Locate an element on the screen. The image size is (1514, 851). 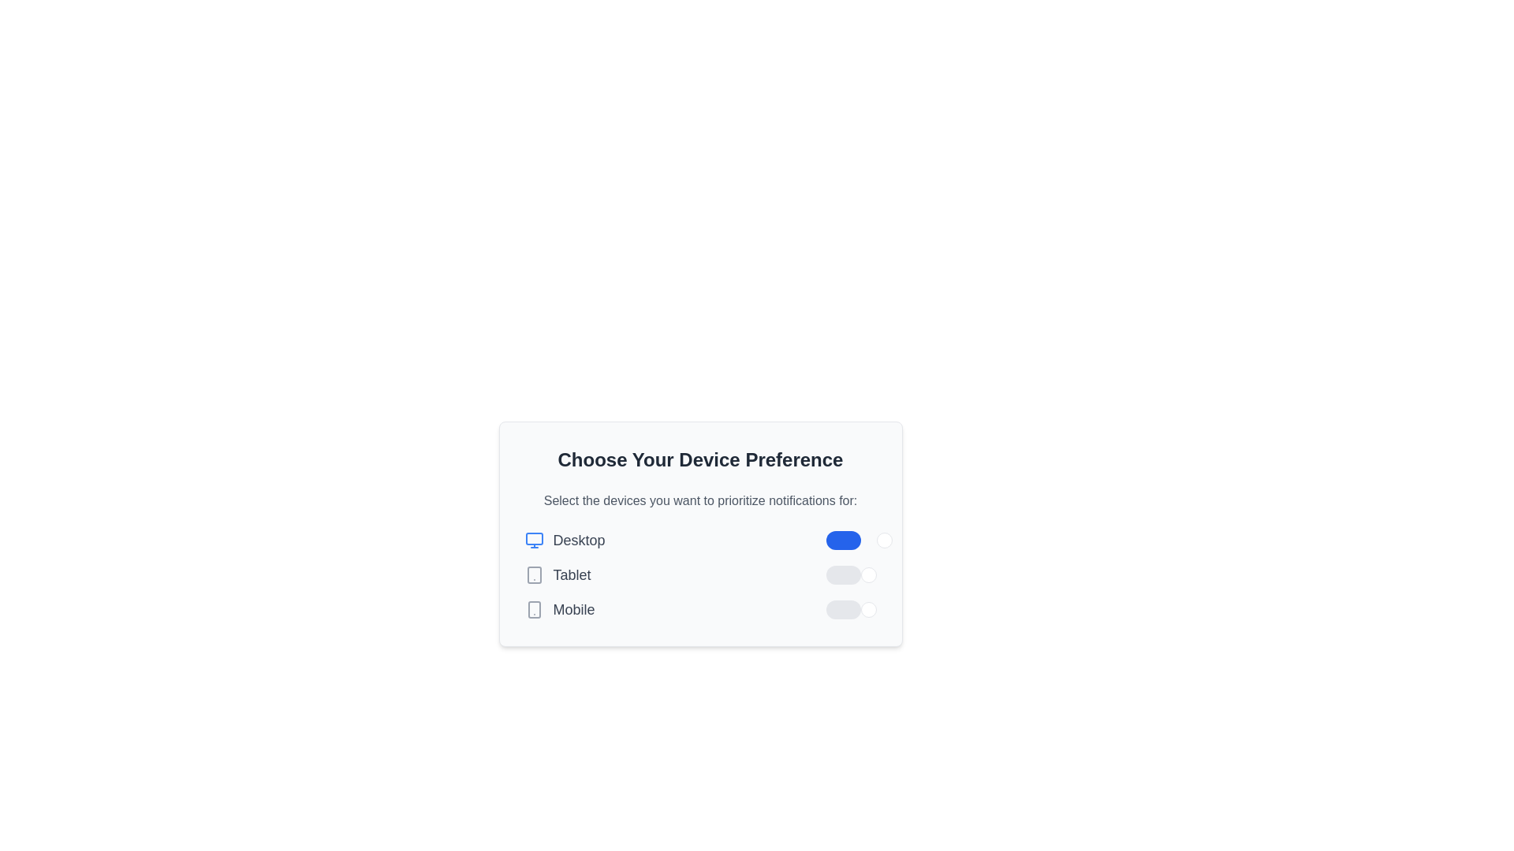
the 'Desktop' label, which is styled in gray and has a larger font size, located centrally within a vertical list of options, adjacent to a monitor icon on the left and a toggle switch on the right is located at coordinates (578, 540).